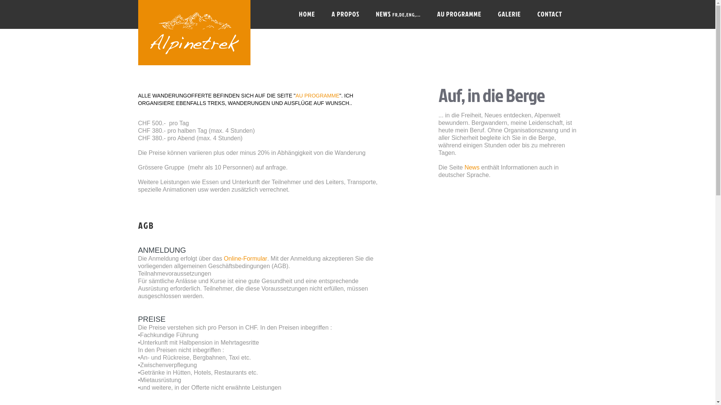  I want to click on 'AU PROGRAMME', so click(431, 14).